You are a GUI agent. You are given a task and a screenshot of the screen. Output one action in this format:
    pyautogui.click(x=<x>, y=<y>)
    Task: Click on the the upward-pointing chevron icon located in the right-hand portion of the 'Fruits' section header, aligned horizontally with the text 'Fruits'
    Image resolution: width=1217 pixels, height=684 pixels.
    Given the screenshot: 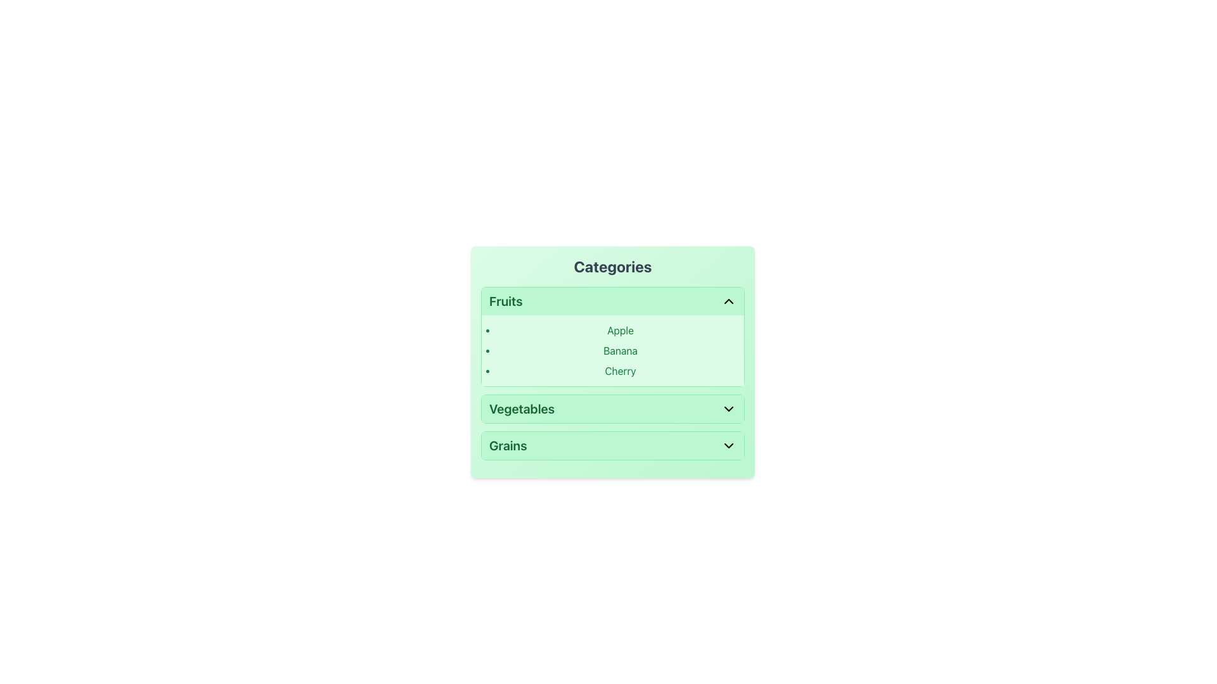 What is the action you would take?
    pyautogui.click(x=729, y=301)
    